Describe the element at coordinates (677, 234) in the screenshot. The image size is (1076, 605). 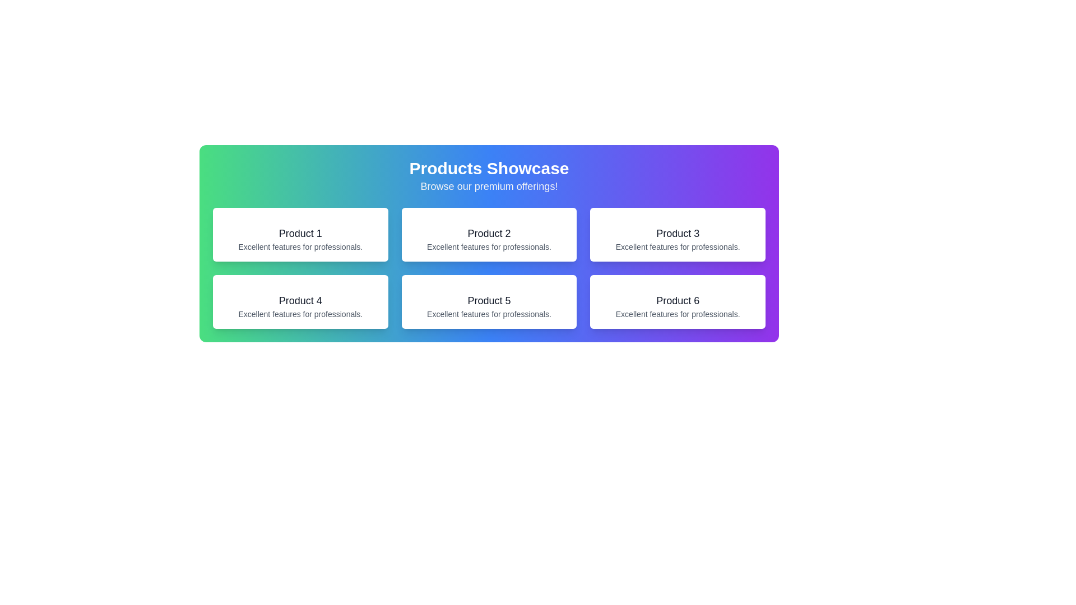
I see `the clickable card displaying 'Product 3' located in the rightmost column of the first row under the 'Products Showcase' header` at that location.